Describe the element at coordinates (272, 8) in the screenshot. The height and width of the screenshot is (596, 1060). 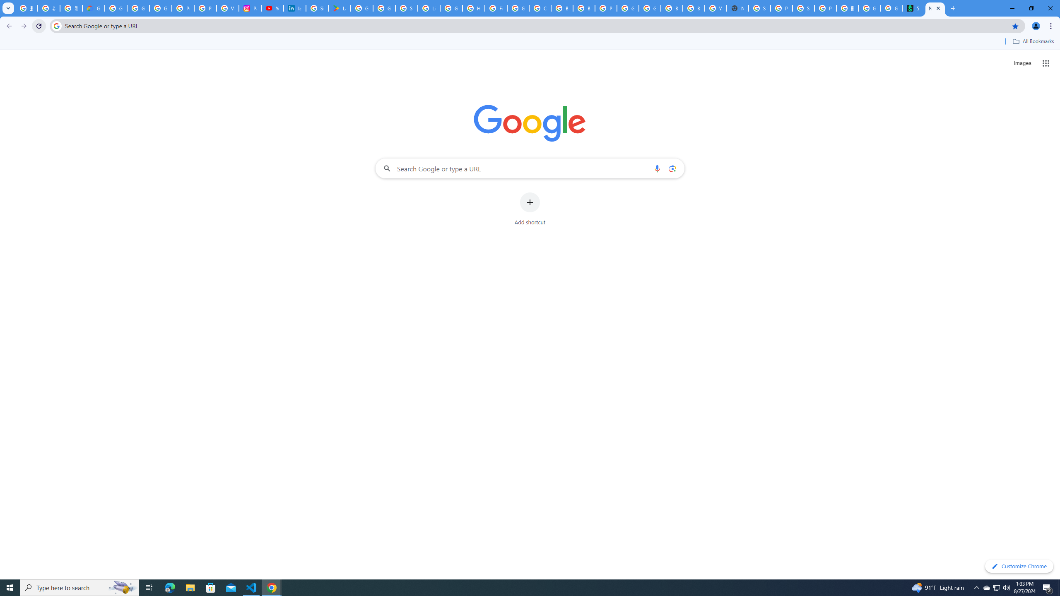
I see `'YouTube Culture & Trends - On The Rise: Handcam Videos'` at that location.